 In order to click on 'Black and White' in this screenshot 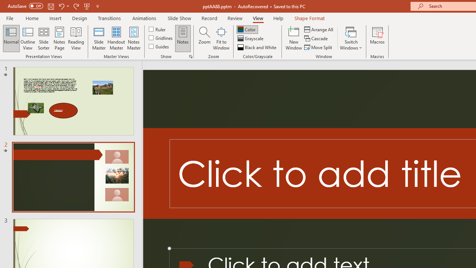, I will do `click(258, 47)`.